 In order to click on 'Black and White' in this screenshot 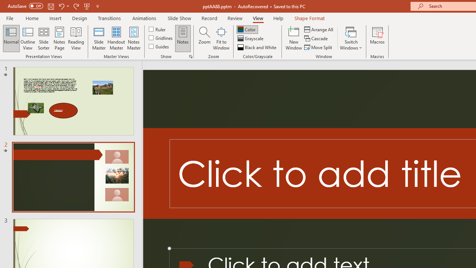, I will do `click(258, 47)`.